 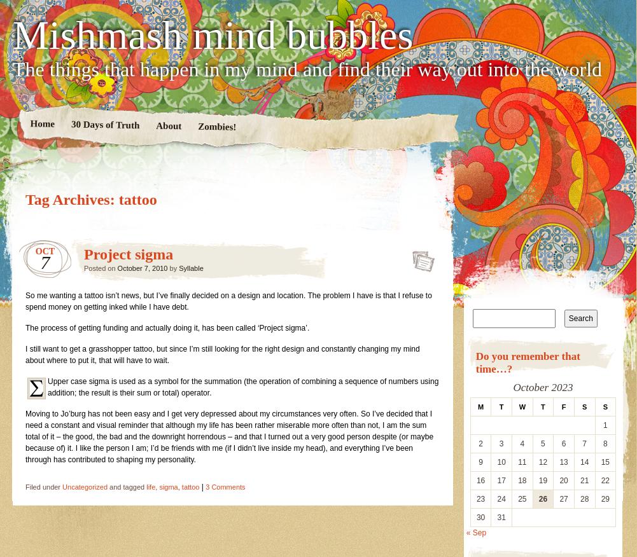 I want to click on 'life', so click(x=150, y=486).